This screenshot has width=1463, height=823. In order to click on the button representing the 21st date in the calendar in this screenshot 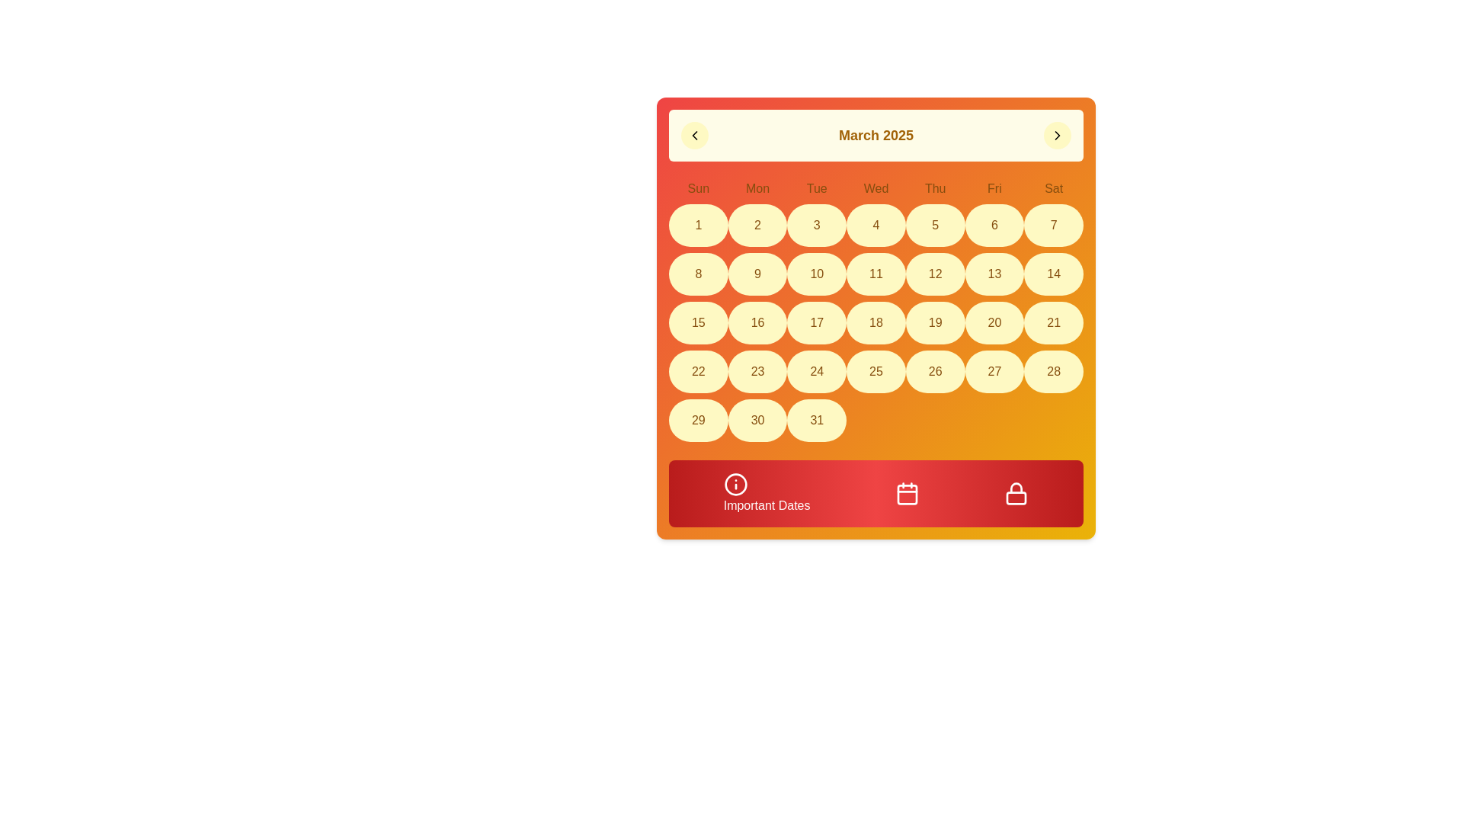, I will do `click(1053, 322)`.